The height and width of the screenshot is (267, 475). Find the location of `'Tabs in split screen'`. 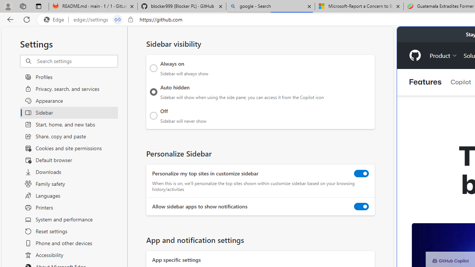

'Tabs in split screen' is located at coordinates (117, 19).